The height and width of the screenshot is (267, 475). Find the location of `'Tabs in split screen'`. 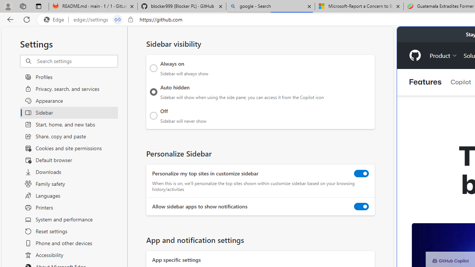

'Tabs in split screen' is located at coordinates (117, 19).